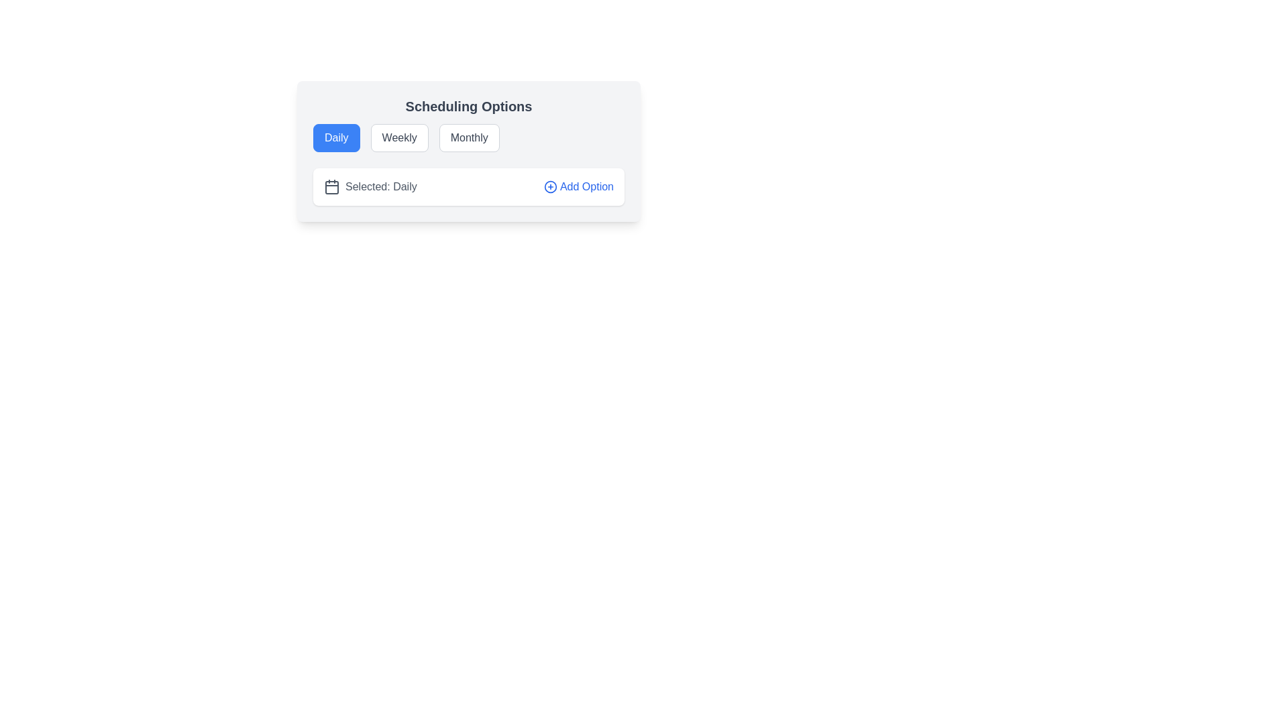  Describe the element at coordinates (331, 186) in the screenshot. I see `the icon located to the left of the 'Selected: Daily' text, which serves as a visual indicator for scheduling options` at that location.